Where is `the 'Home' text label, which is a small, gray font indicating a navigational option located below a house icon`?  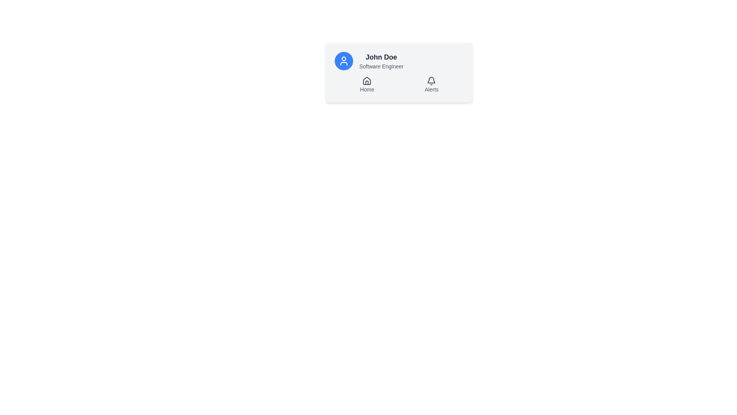
the 'Home' text label, which is a small, gray font indicating a navigational option located below a house icon is located at coordinates (367, 89).